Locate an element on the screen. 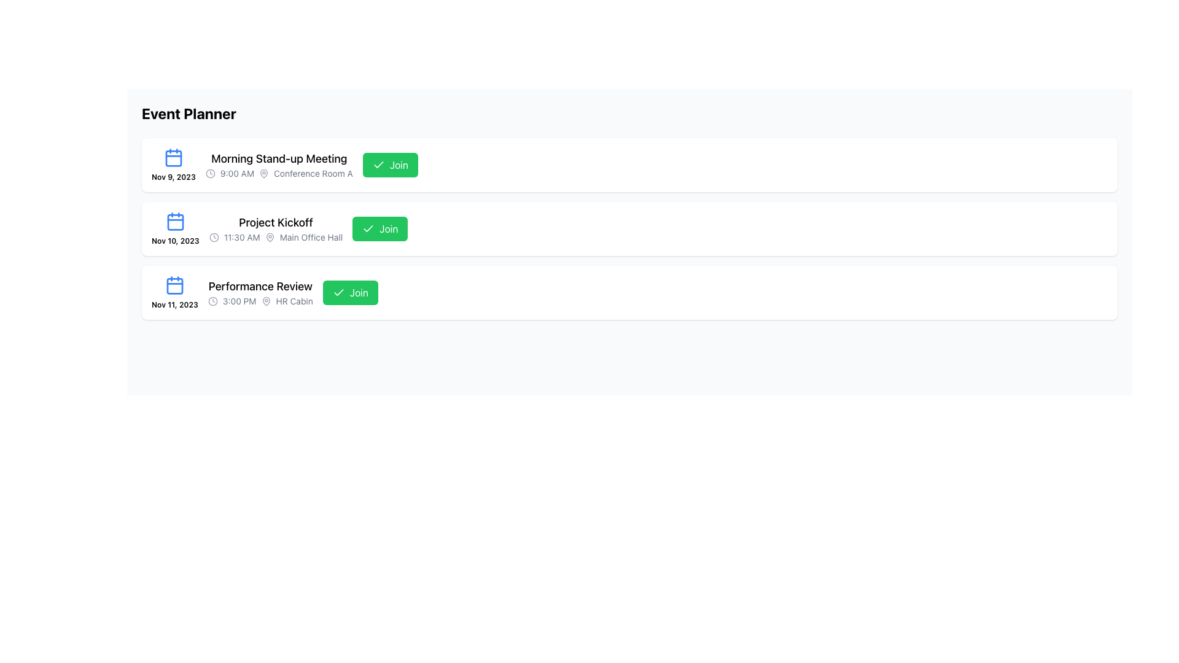  the calendar icon located in the first event block of the 'Event Planner' section, positioned at the top-left corner above the date text is located at coordinates (173, 157).